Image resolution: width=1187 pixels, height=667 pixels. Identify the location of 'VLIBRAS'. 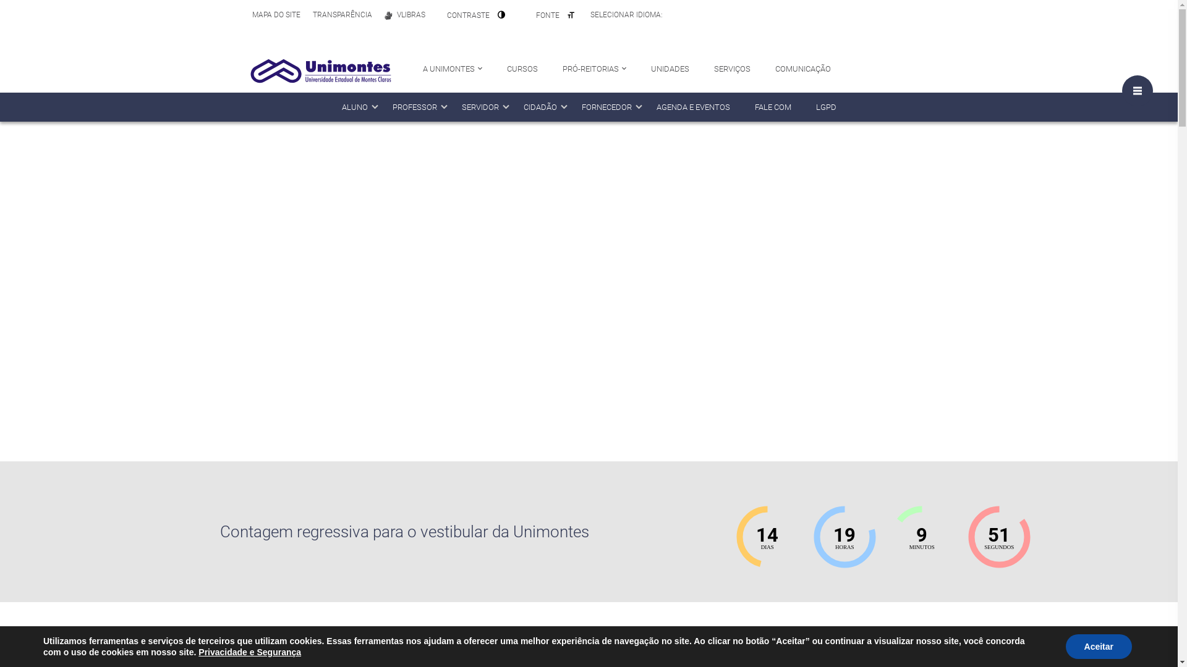
(404, 15).